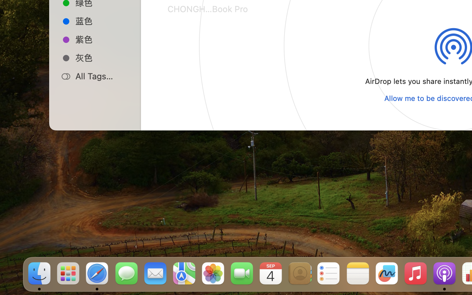 The image size is (472, 295). I want to click on '紫色', so click(102, 39).